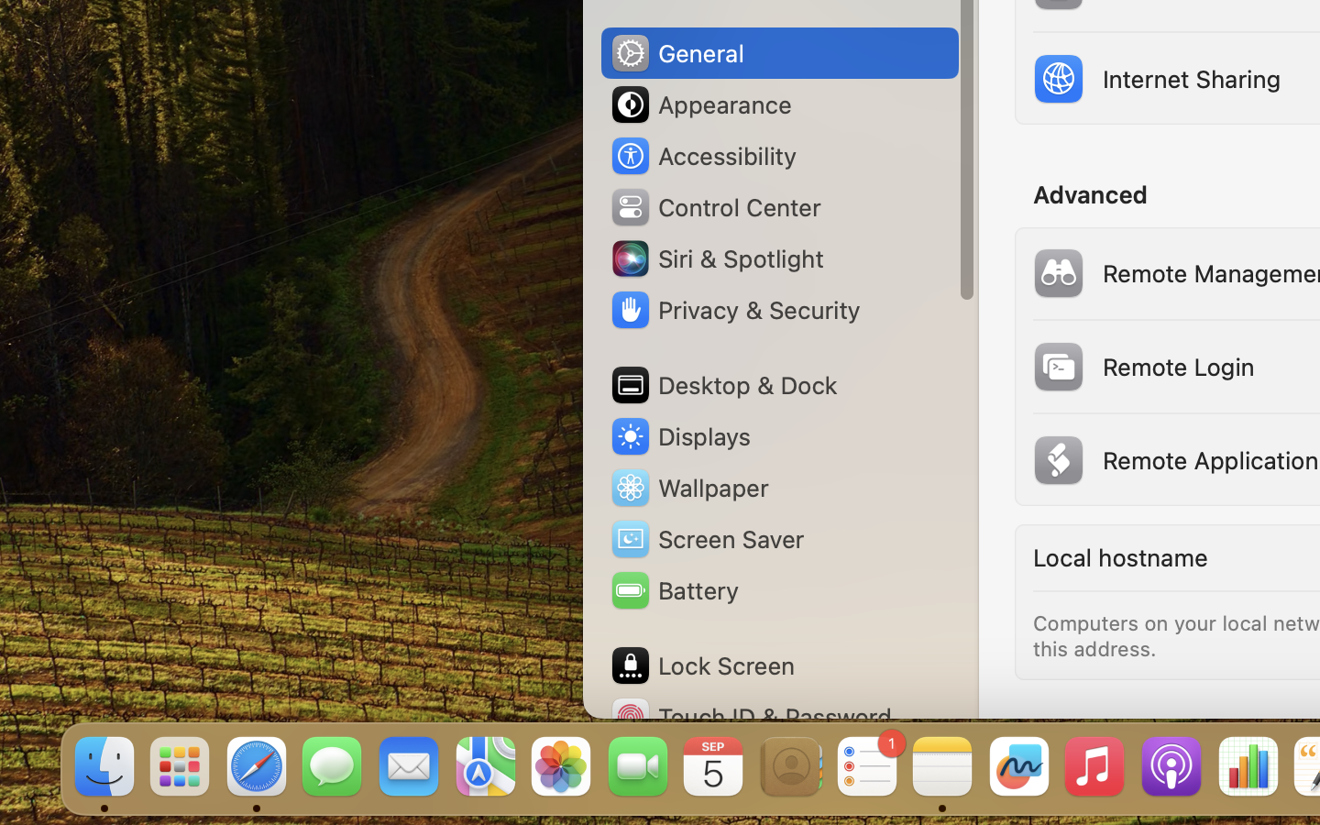  Describe the element at coordinates (705, 538) in the screenshot. I see `'Screen Saver'` at that location.